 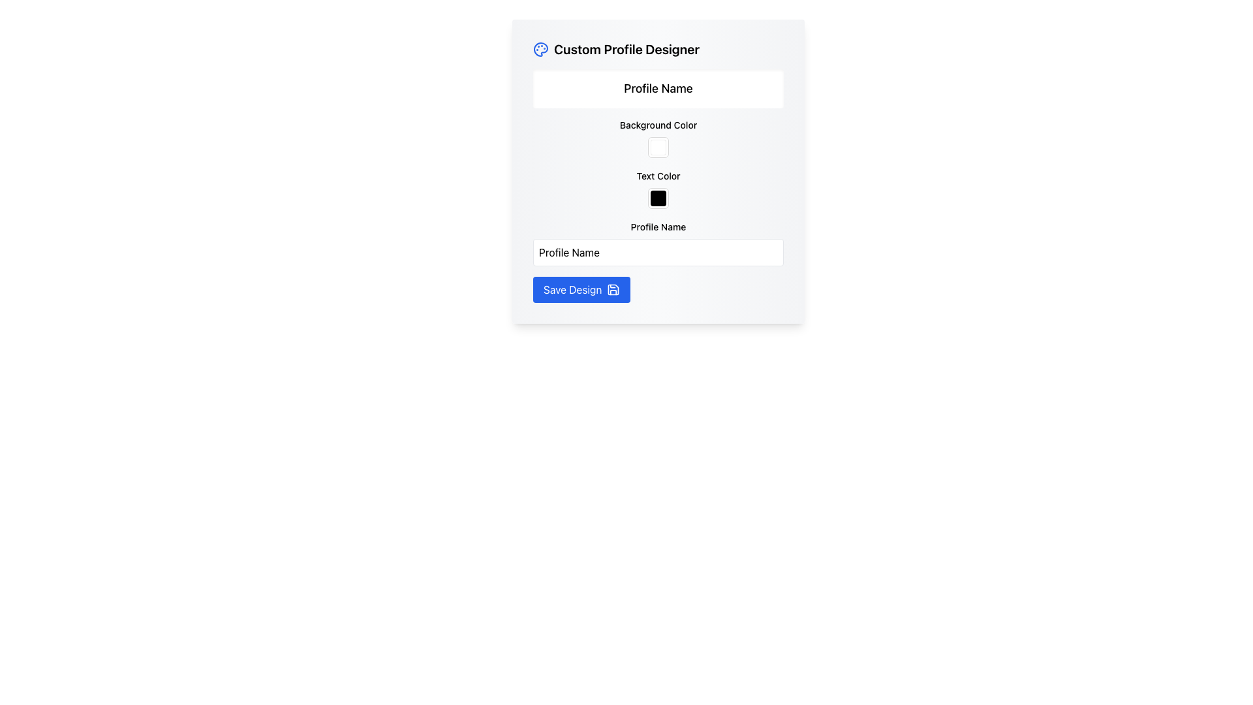 I want to click on the 'Text Color' color picker element, so click(x=658, y=189).